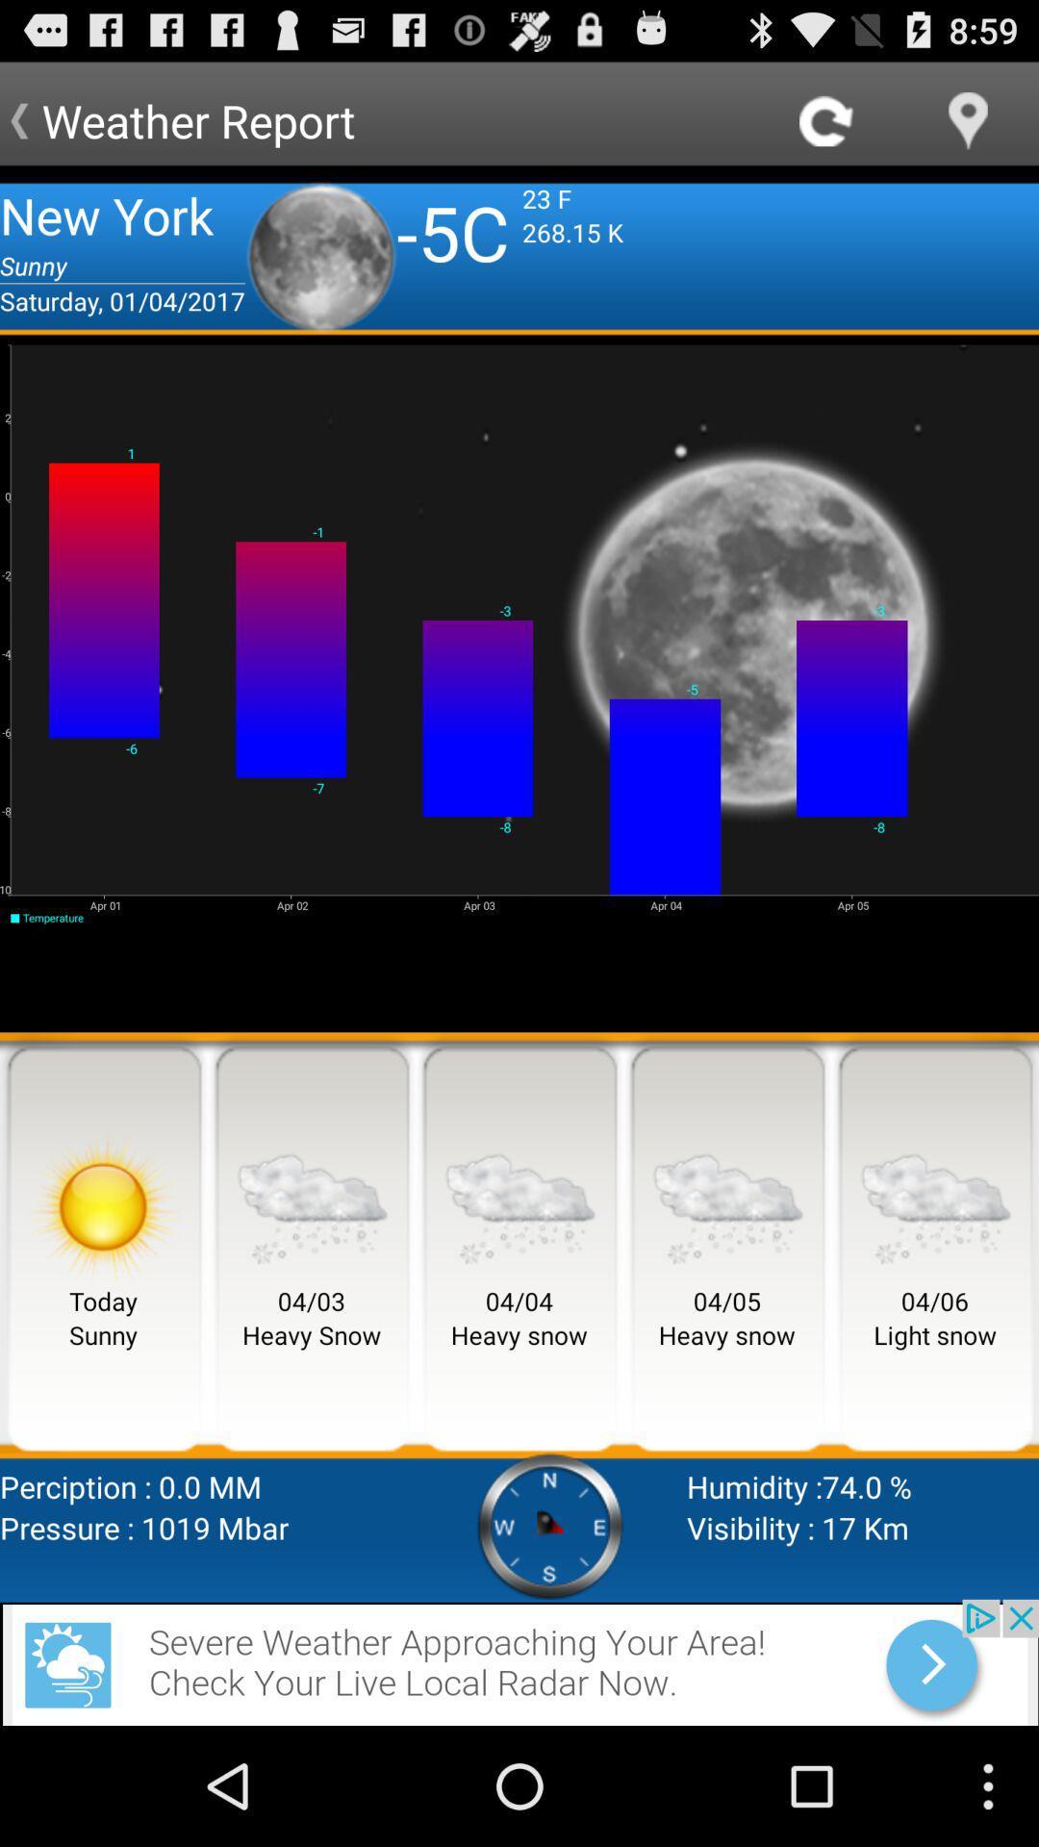 The height and width of the screenshot is (1847, 1039). What do you see at coordinates (519, 1661) in the screenshot?
I see `click advertisement` at bounding box center [519, 1661].